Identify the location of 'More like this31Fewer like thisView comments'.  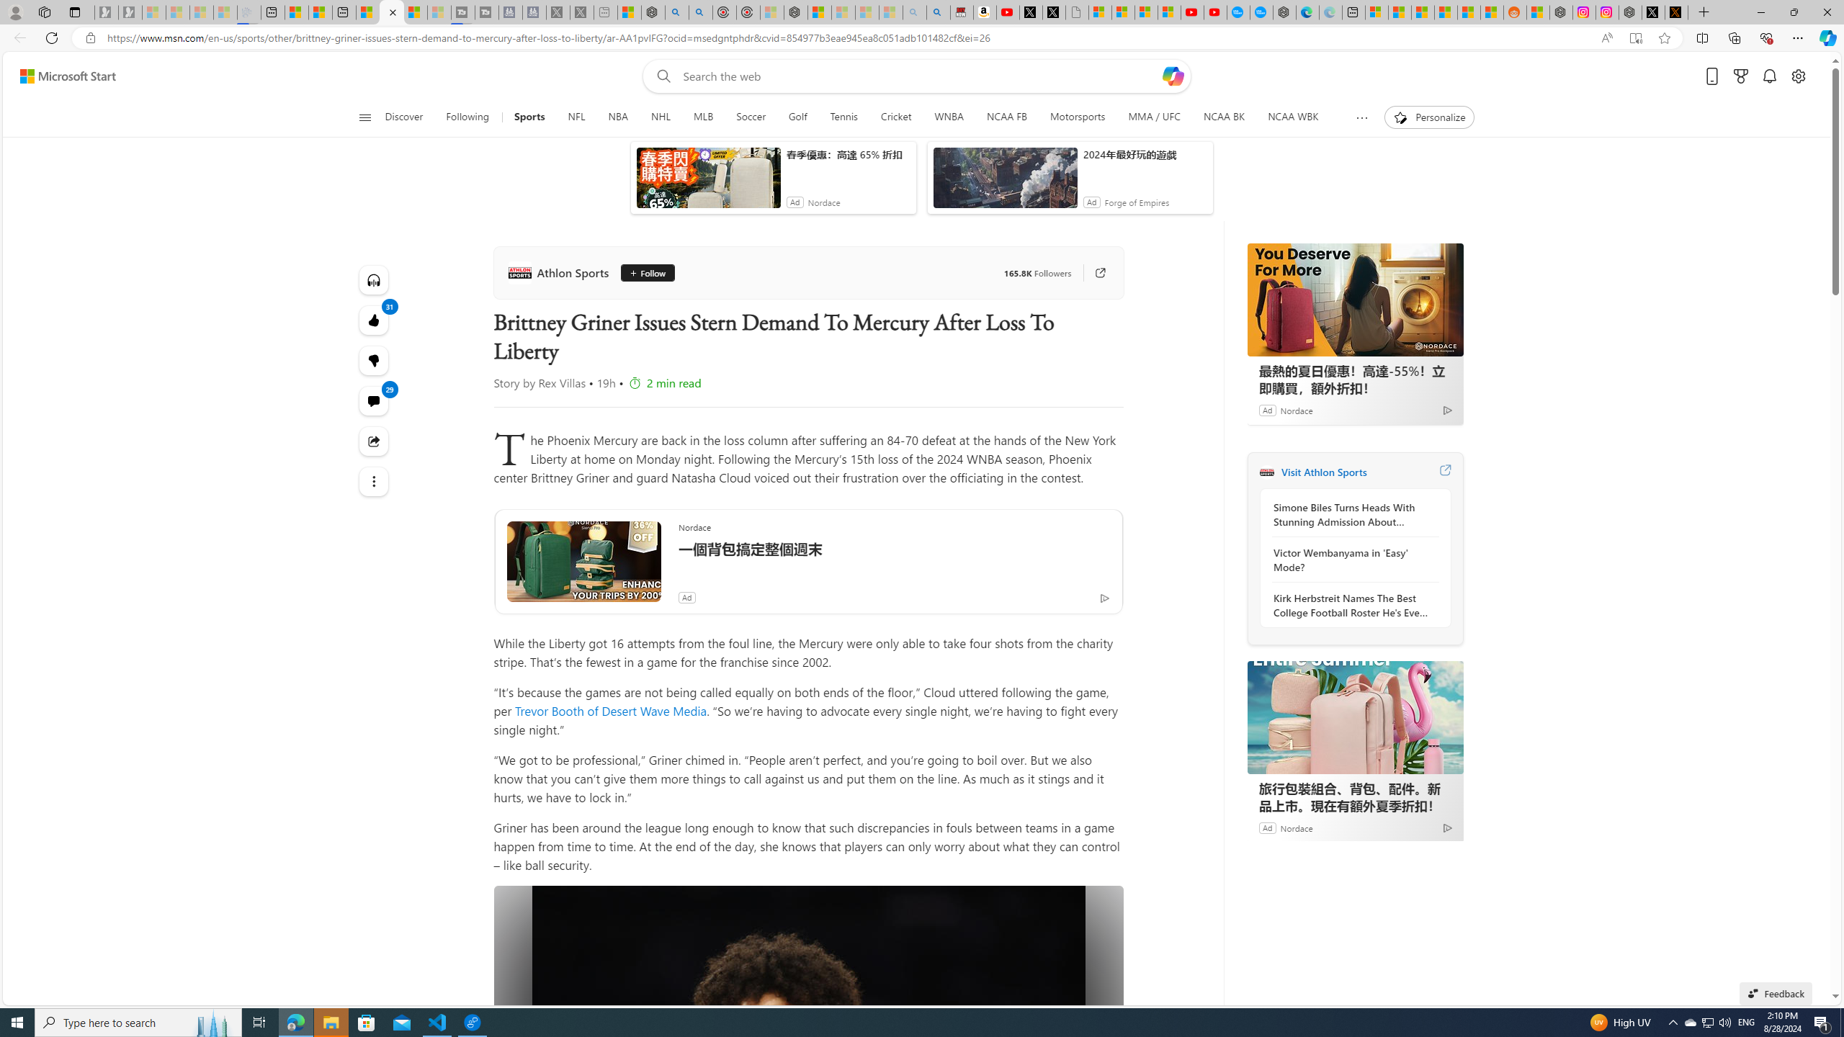
(373, 361).